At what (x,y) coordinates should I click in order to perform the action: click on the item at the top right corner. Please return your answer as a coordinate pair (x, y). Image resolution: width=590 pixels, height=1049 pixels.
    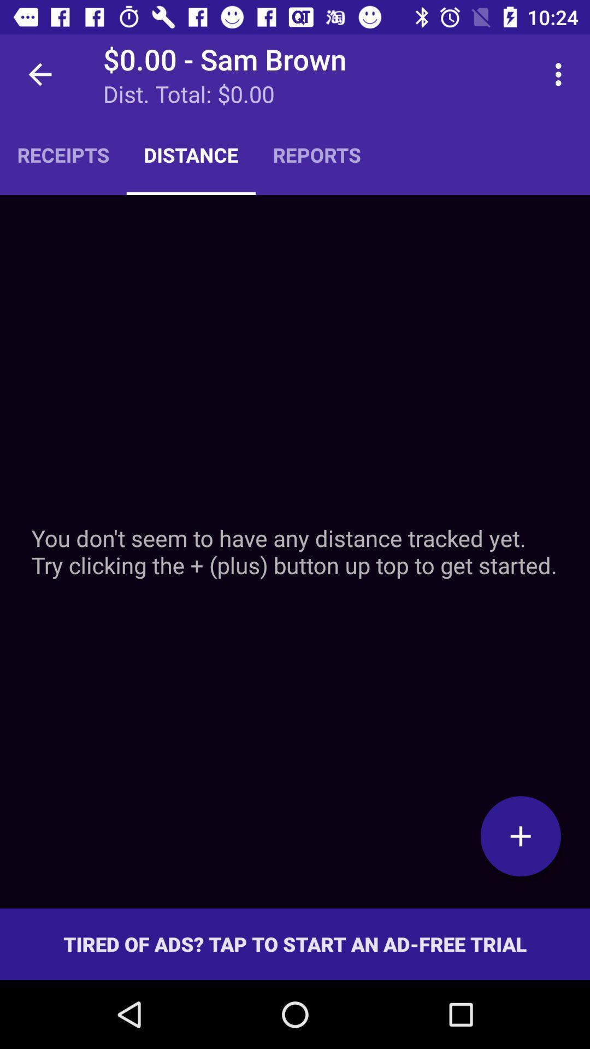
    Looking at the image, I should click on (561, 74).